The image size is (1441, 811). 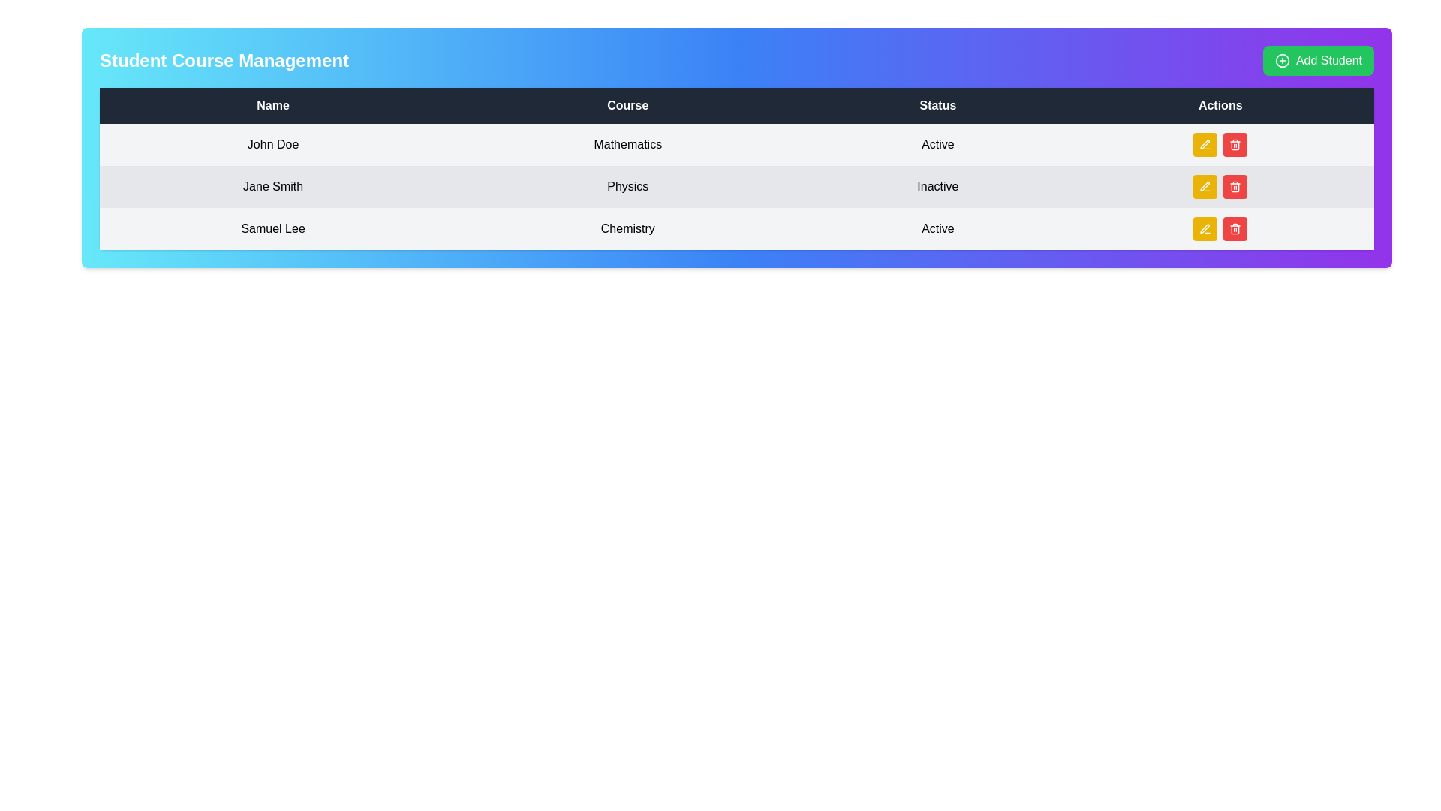 What do you see at coordinates (1281, 60) in the screenshot?
I see `the 'Add Student' button by clicking on the central circular part of the icon located at the top-right corner of the interface` at bounding box center [1281, 60].